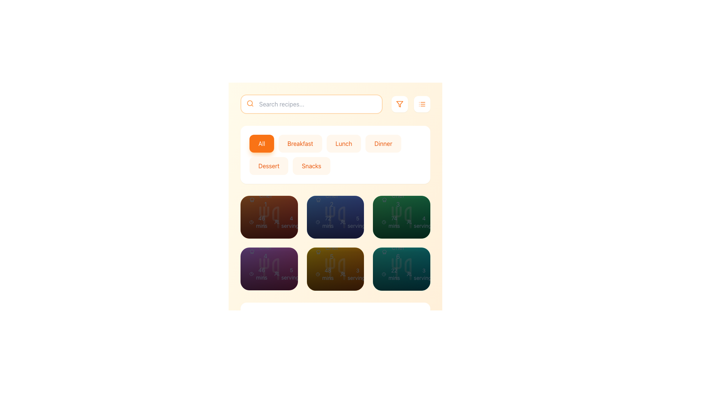  Describe the element at coordinates (422, 104) in the screenshot. I see `the navigation button located in the upper-right corner of the navigation bar` at that location.